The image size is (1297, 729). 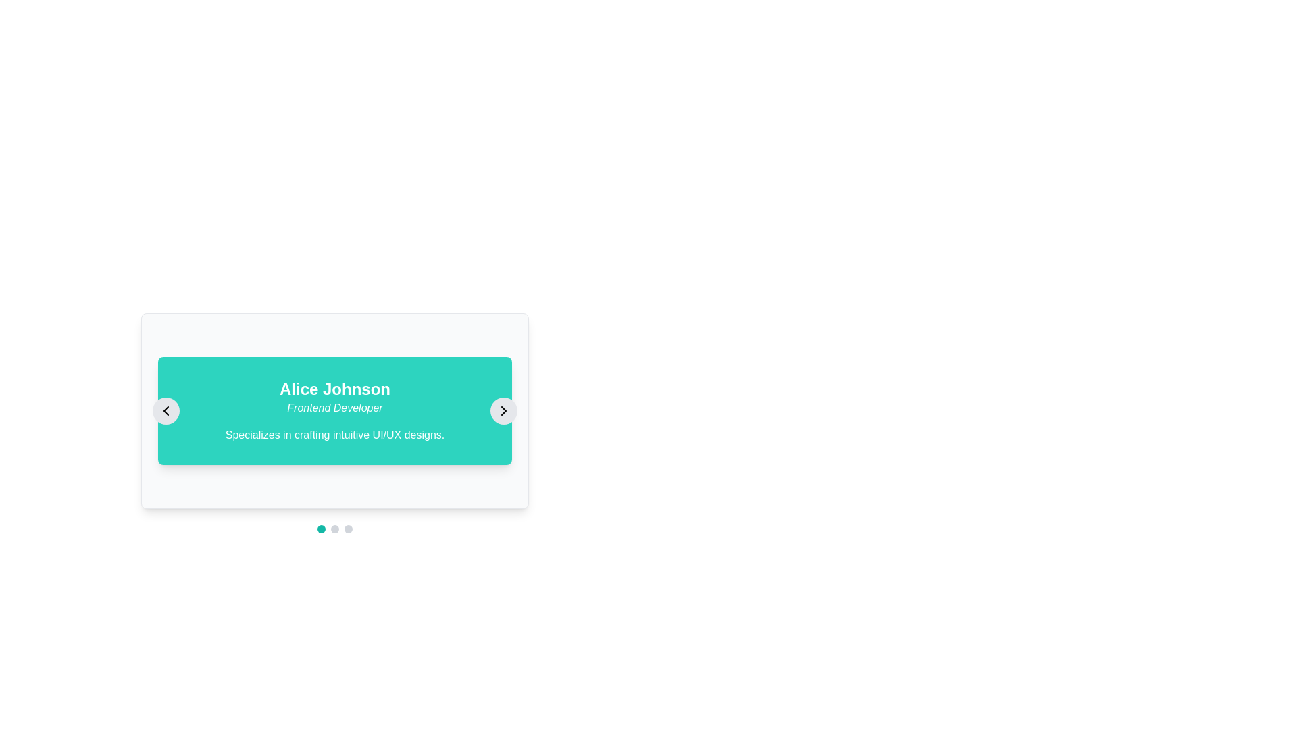 What do you see at coordinates (503, 410) in the screenshot?
I see `the circular button with a light gray background containing a right-pointing chevron icon` at bounding box center [503, 410].